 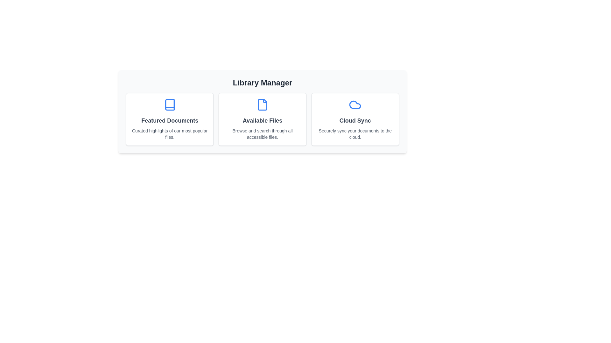 I want to click on the section card for Available Files, so click(x=263, y=119).